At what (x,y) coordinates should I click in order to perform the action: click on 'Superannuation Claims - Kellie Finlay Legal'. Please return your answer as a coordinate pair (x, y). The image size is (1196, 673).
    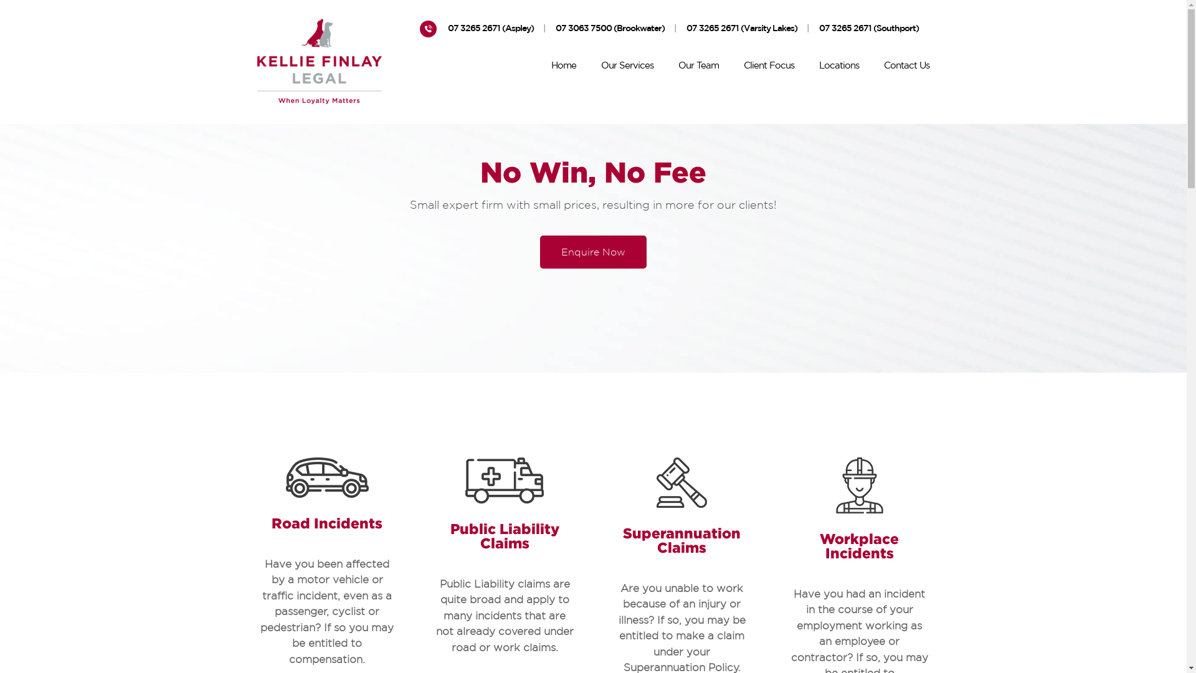
    Looking at the image, I should click on (656, 482).